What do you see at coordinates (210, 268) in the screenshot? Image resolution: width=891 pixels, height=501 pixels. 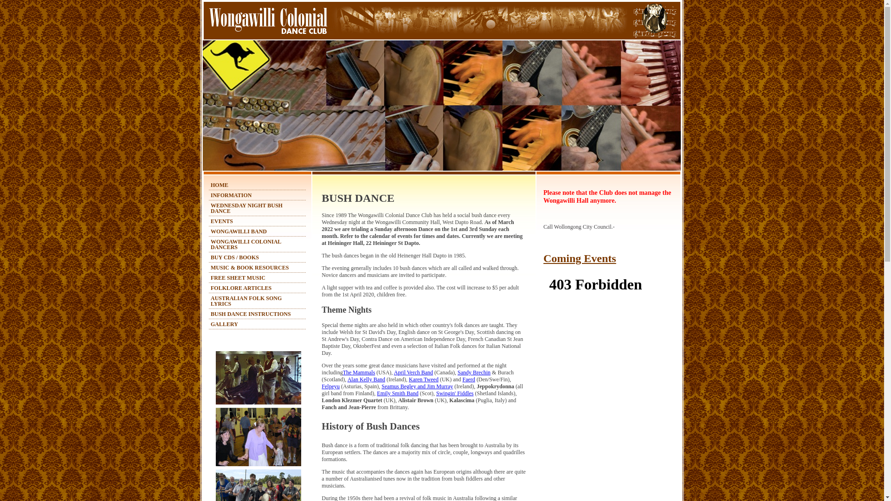 I see `'MUSIC & BOOK RESOURCES'` at bounding box center [210, 268].